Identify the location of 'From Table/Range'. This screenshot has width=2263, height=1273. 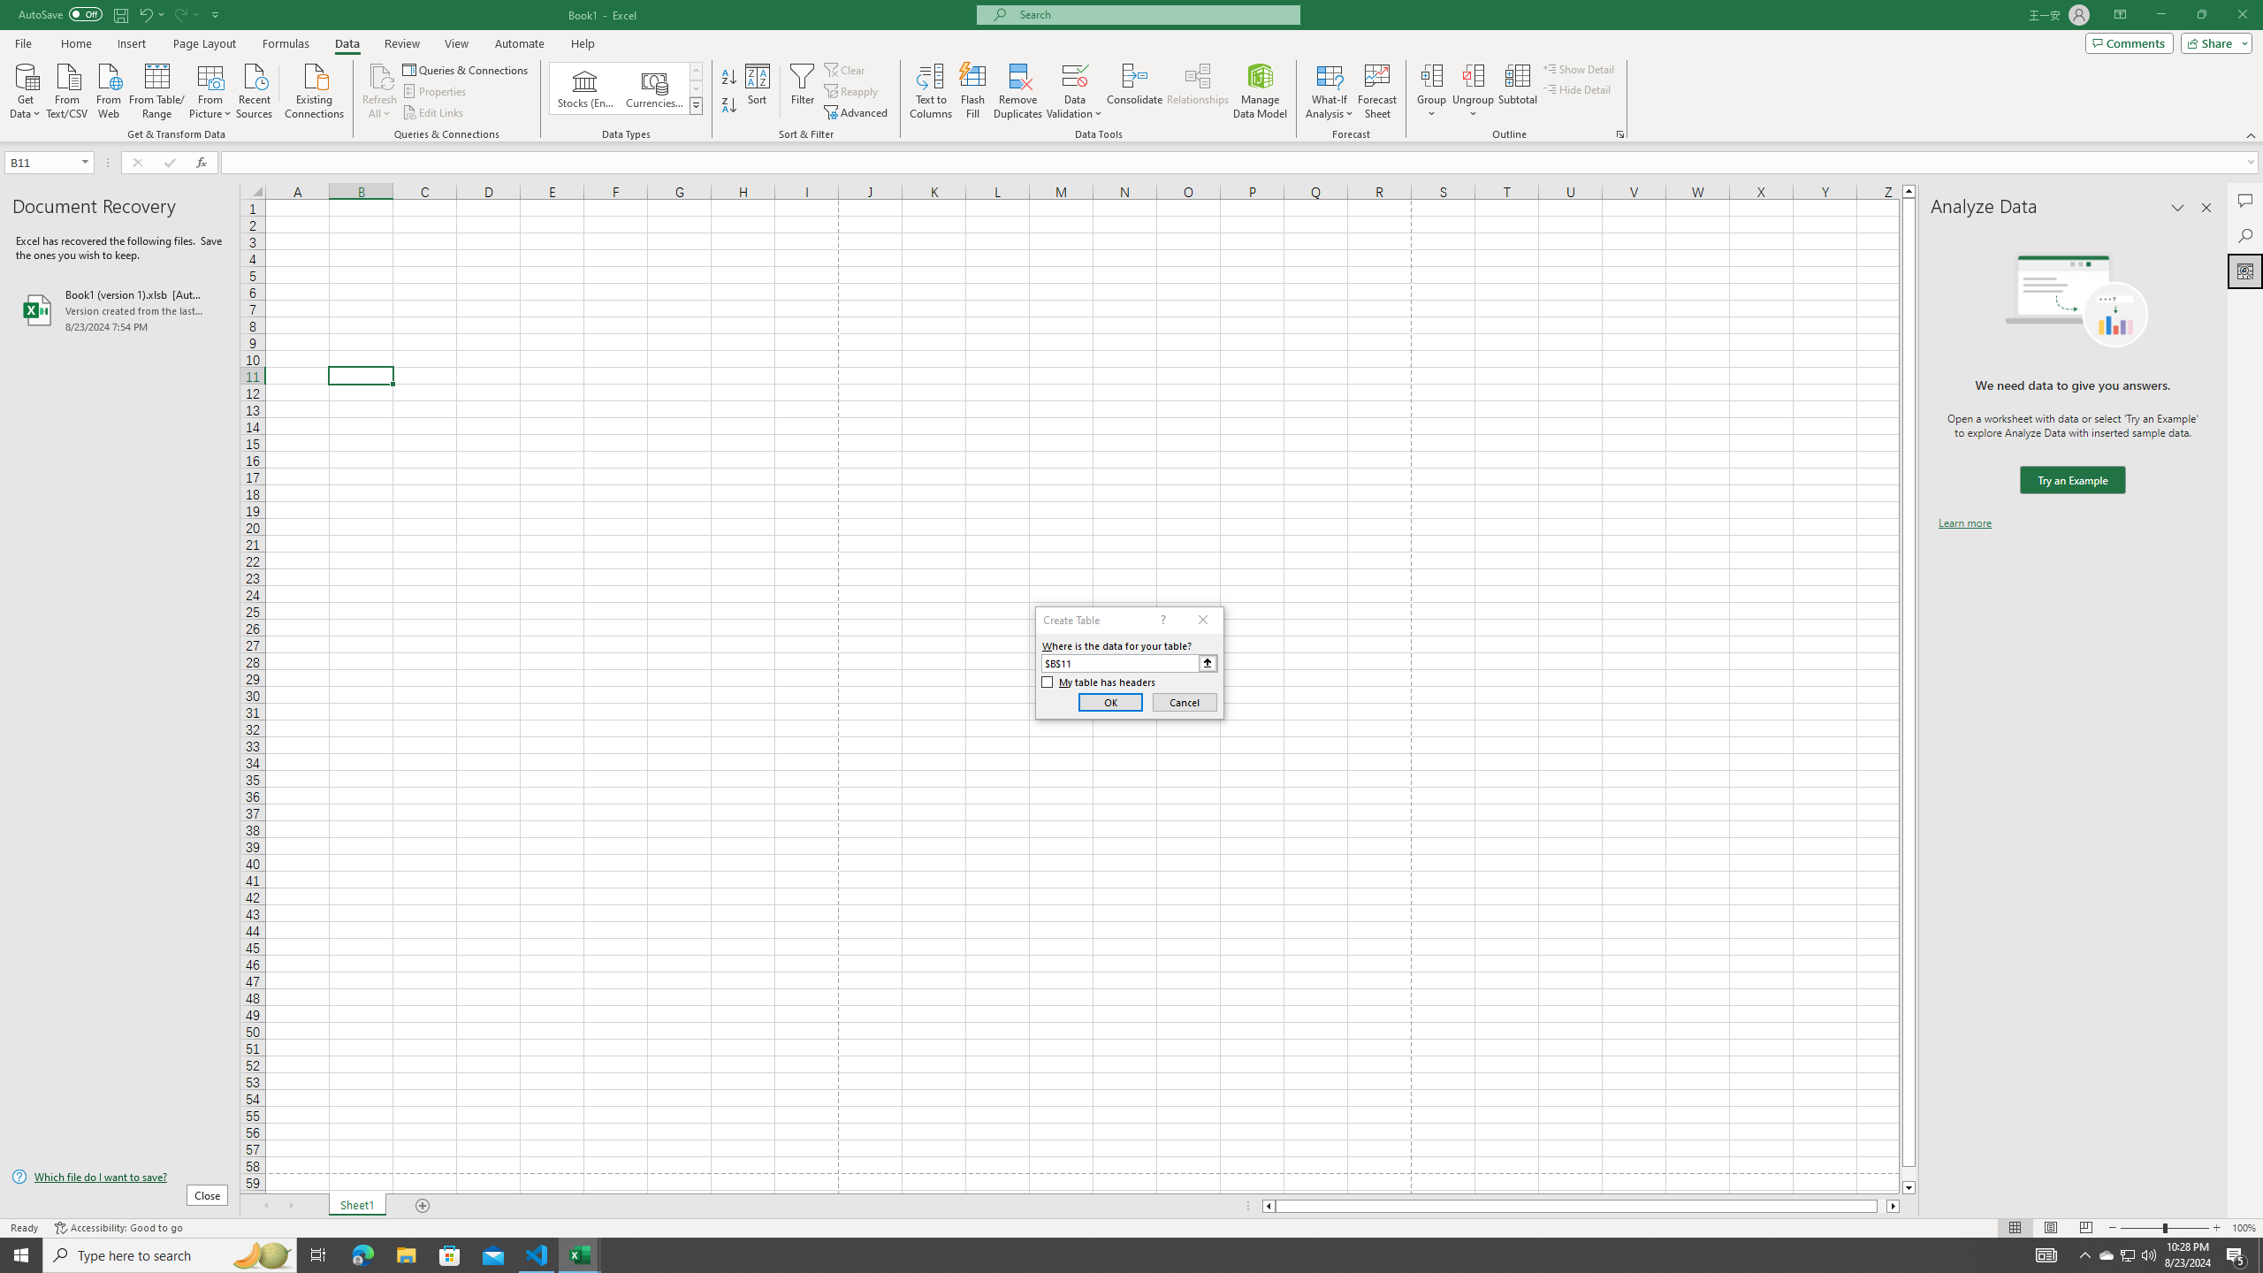
(156, 88).